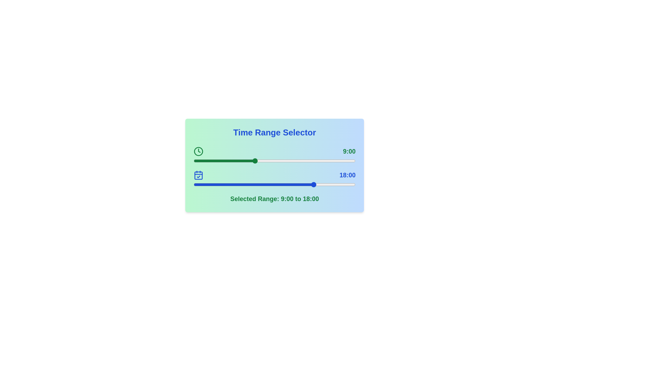 The image size is (670, 377). I want to click on time range, so click(295, 184).